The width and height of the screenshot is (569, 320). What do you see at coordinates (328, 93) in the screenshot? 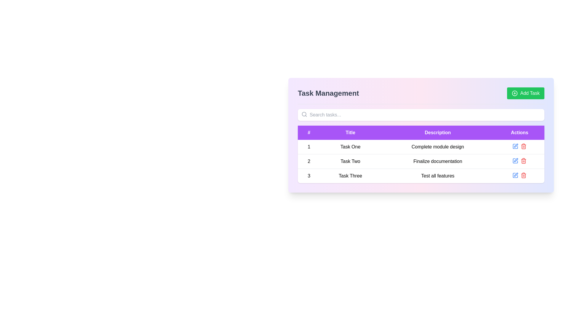
I see `displayed text 'Task Management' which is a bold, large, gray label located in the upper-left section of the header of the task management interface` at bounding box center [328, 93].